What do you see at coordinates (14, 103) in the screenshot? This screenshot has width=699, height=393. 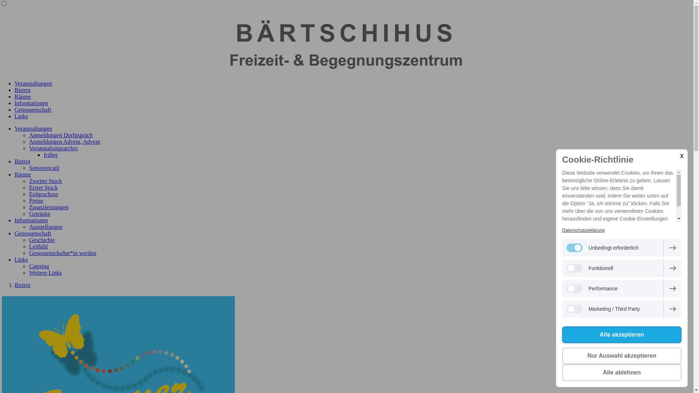 I see `'Informationen'` at bounding box center [14, 103].